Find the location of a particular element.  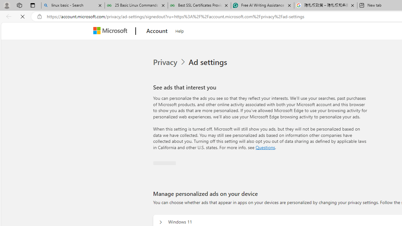

'Free AI Writing Assistance for Students | Grammarly' is located at coordinates (262, 5).